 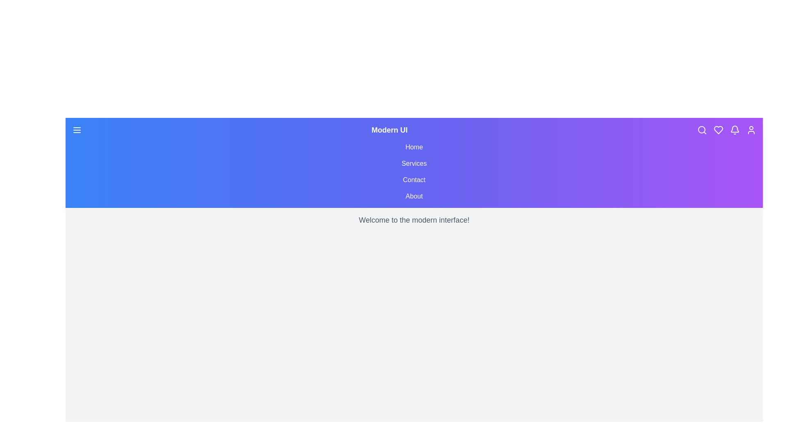 I want to click on the bell icon to access notifications, so click(x=735, y=129).